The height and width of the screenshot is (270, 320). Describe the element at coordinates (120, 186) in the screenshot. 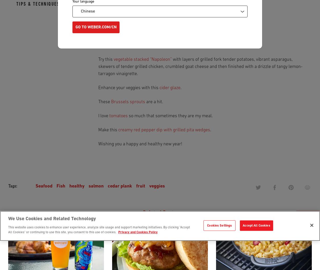

I see `'cedar plank'` at that location.